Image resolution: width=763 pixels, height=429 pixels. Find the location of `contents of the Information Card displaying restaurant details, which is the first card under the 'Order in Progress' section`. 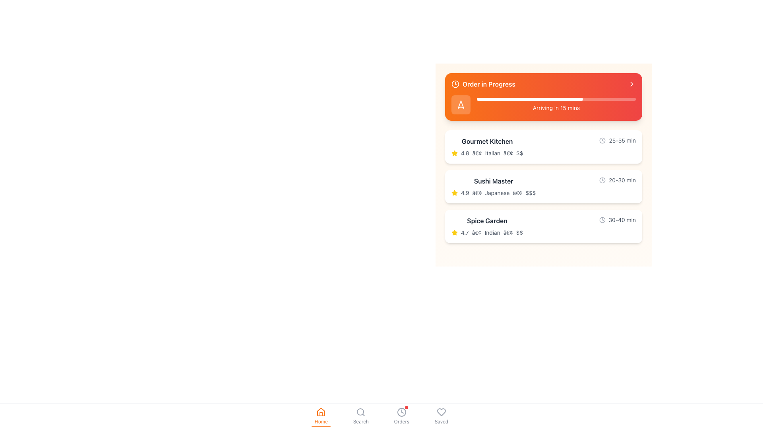

contents of the Information Card displaying restaurant details, which is the first card under the 'Order in Progress' section is located at coordinates (543, 147).